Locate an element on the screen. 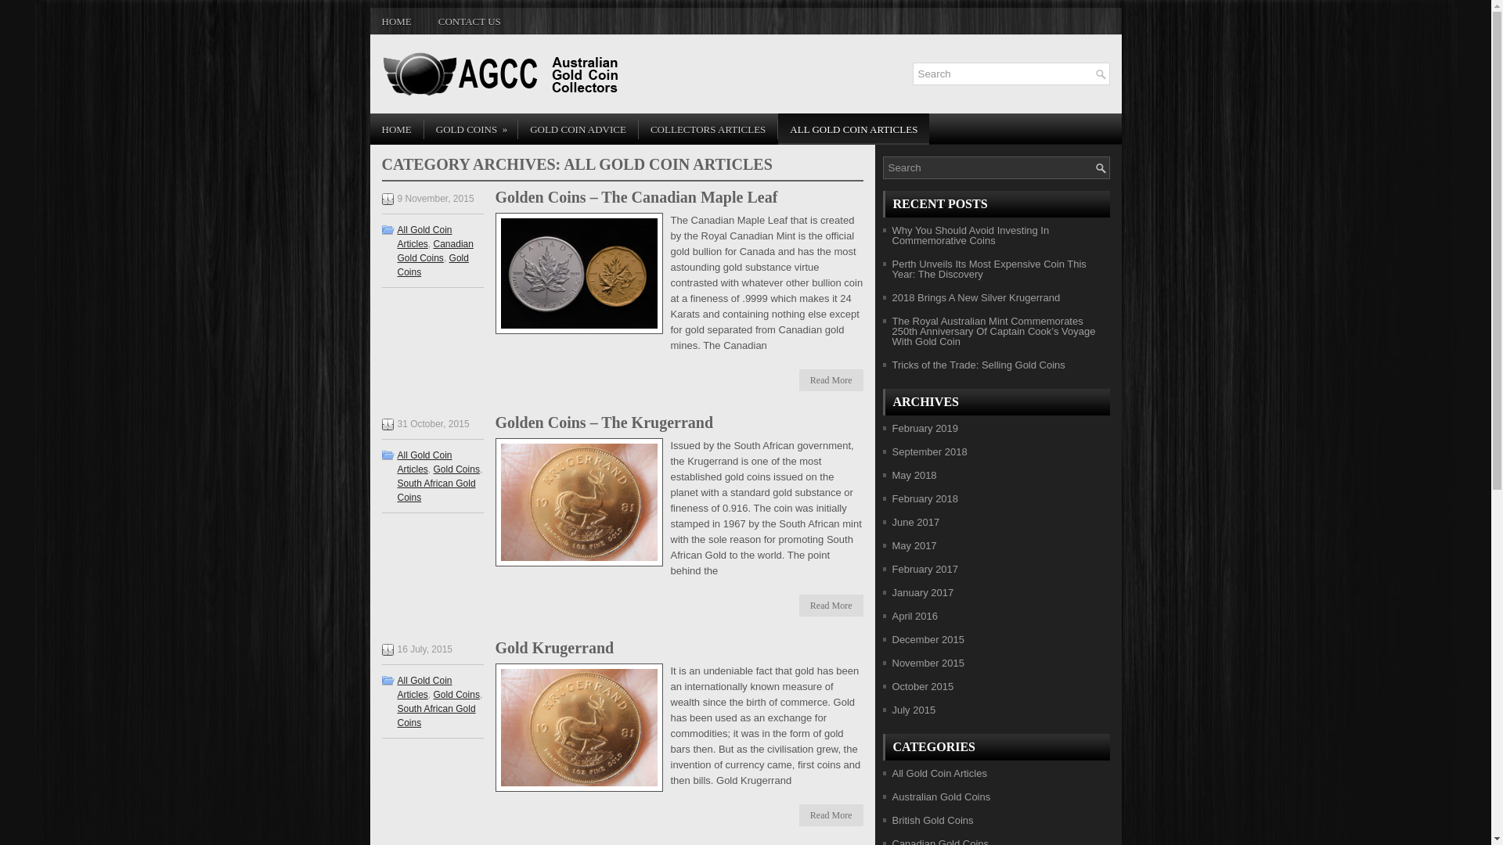 The height and width of the screenshot is (845, 1503). 'February 2017' is located at coordinates (925, 569).